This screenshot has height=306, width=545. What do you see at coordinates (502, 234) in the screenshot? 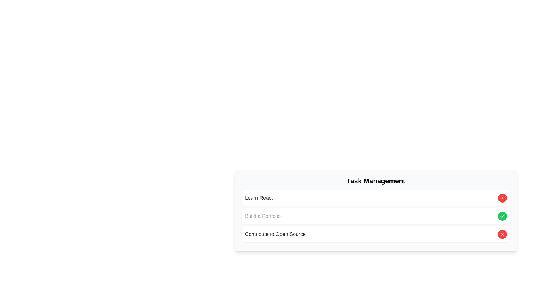
I see `the delete button located in the second column of the task list row labeled 'Learn React'` at bounding box center [502, 234].